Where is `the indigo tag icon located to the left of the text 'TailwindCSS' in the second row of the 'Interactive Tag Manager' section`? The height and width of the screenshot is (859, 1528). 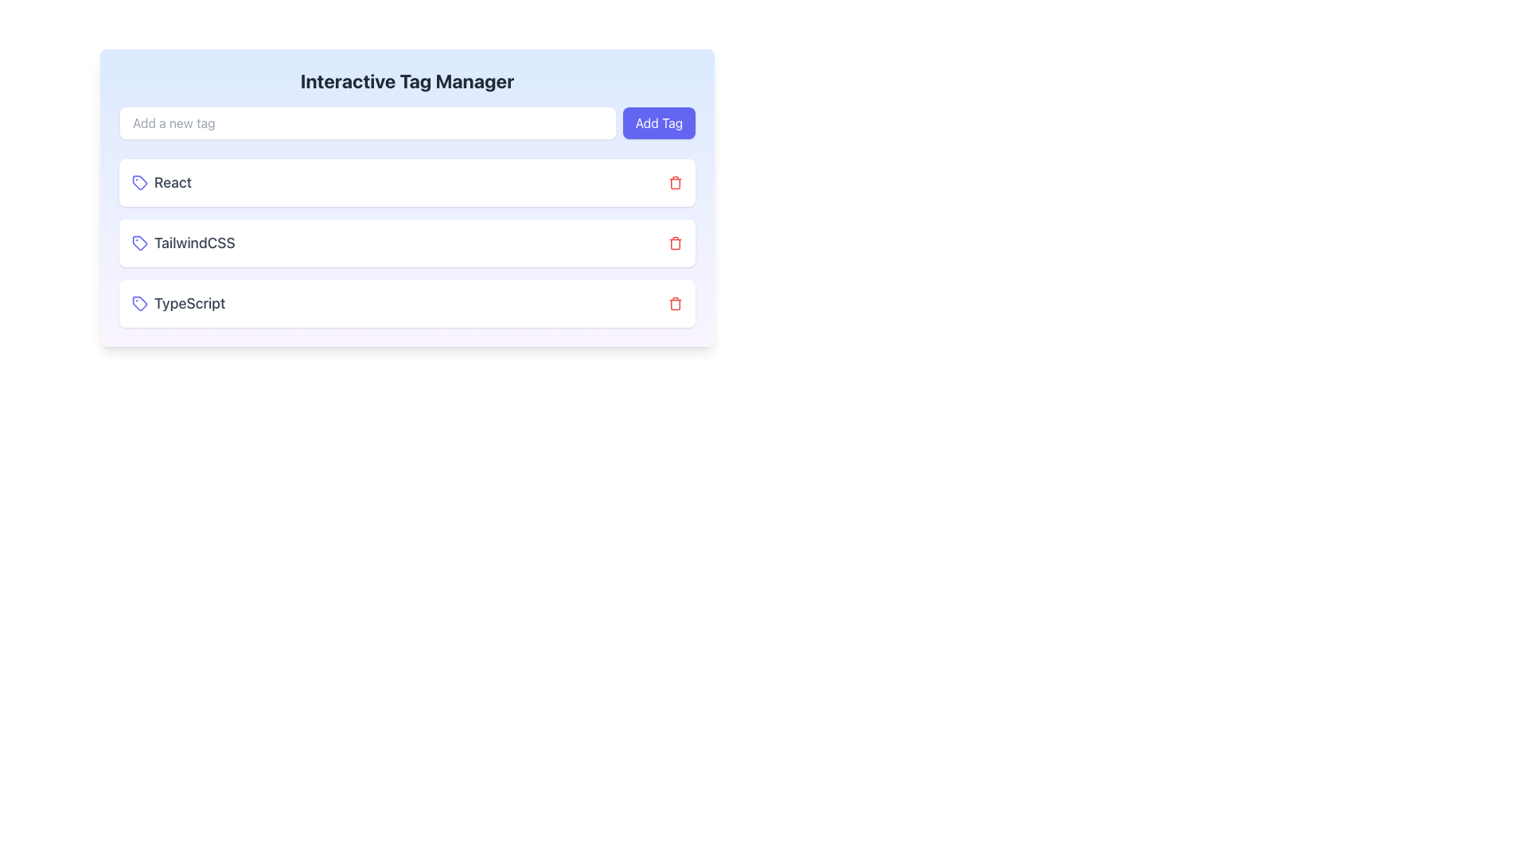 the indigo tag icon located to the left of the text 'TailwindCSS' in the second row of the 'Interactive Tag Manager' section is located at coordinates (140, 243).